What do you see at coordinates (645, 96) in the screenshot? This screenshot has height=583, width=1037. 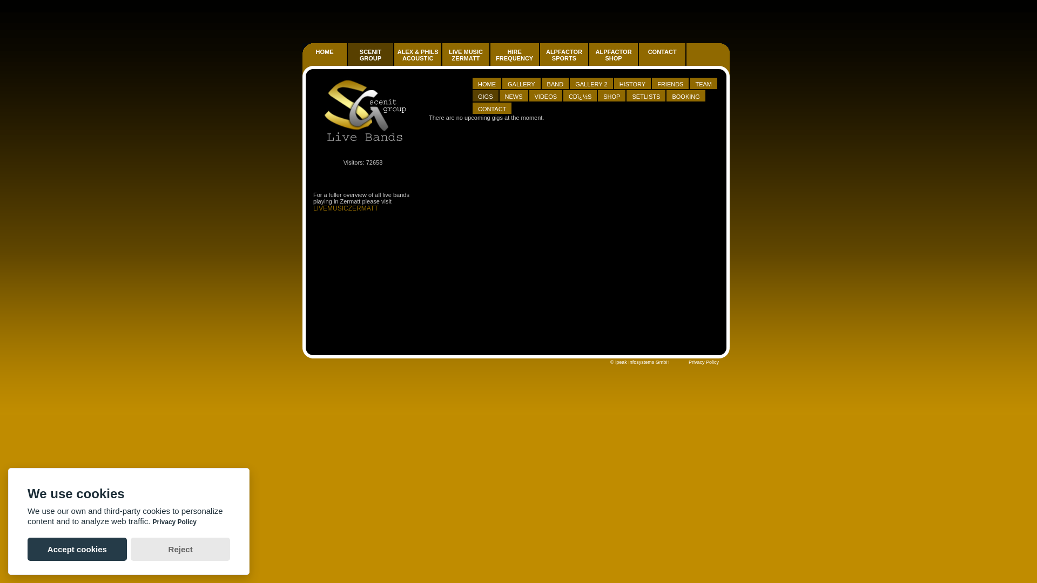 I see `'SETLISTS'` at bounding box center [645, 96].